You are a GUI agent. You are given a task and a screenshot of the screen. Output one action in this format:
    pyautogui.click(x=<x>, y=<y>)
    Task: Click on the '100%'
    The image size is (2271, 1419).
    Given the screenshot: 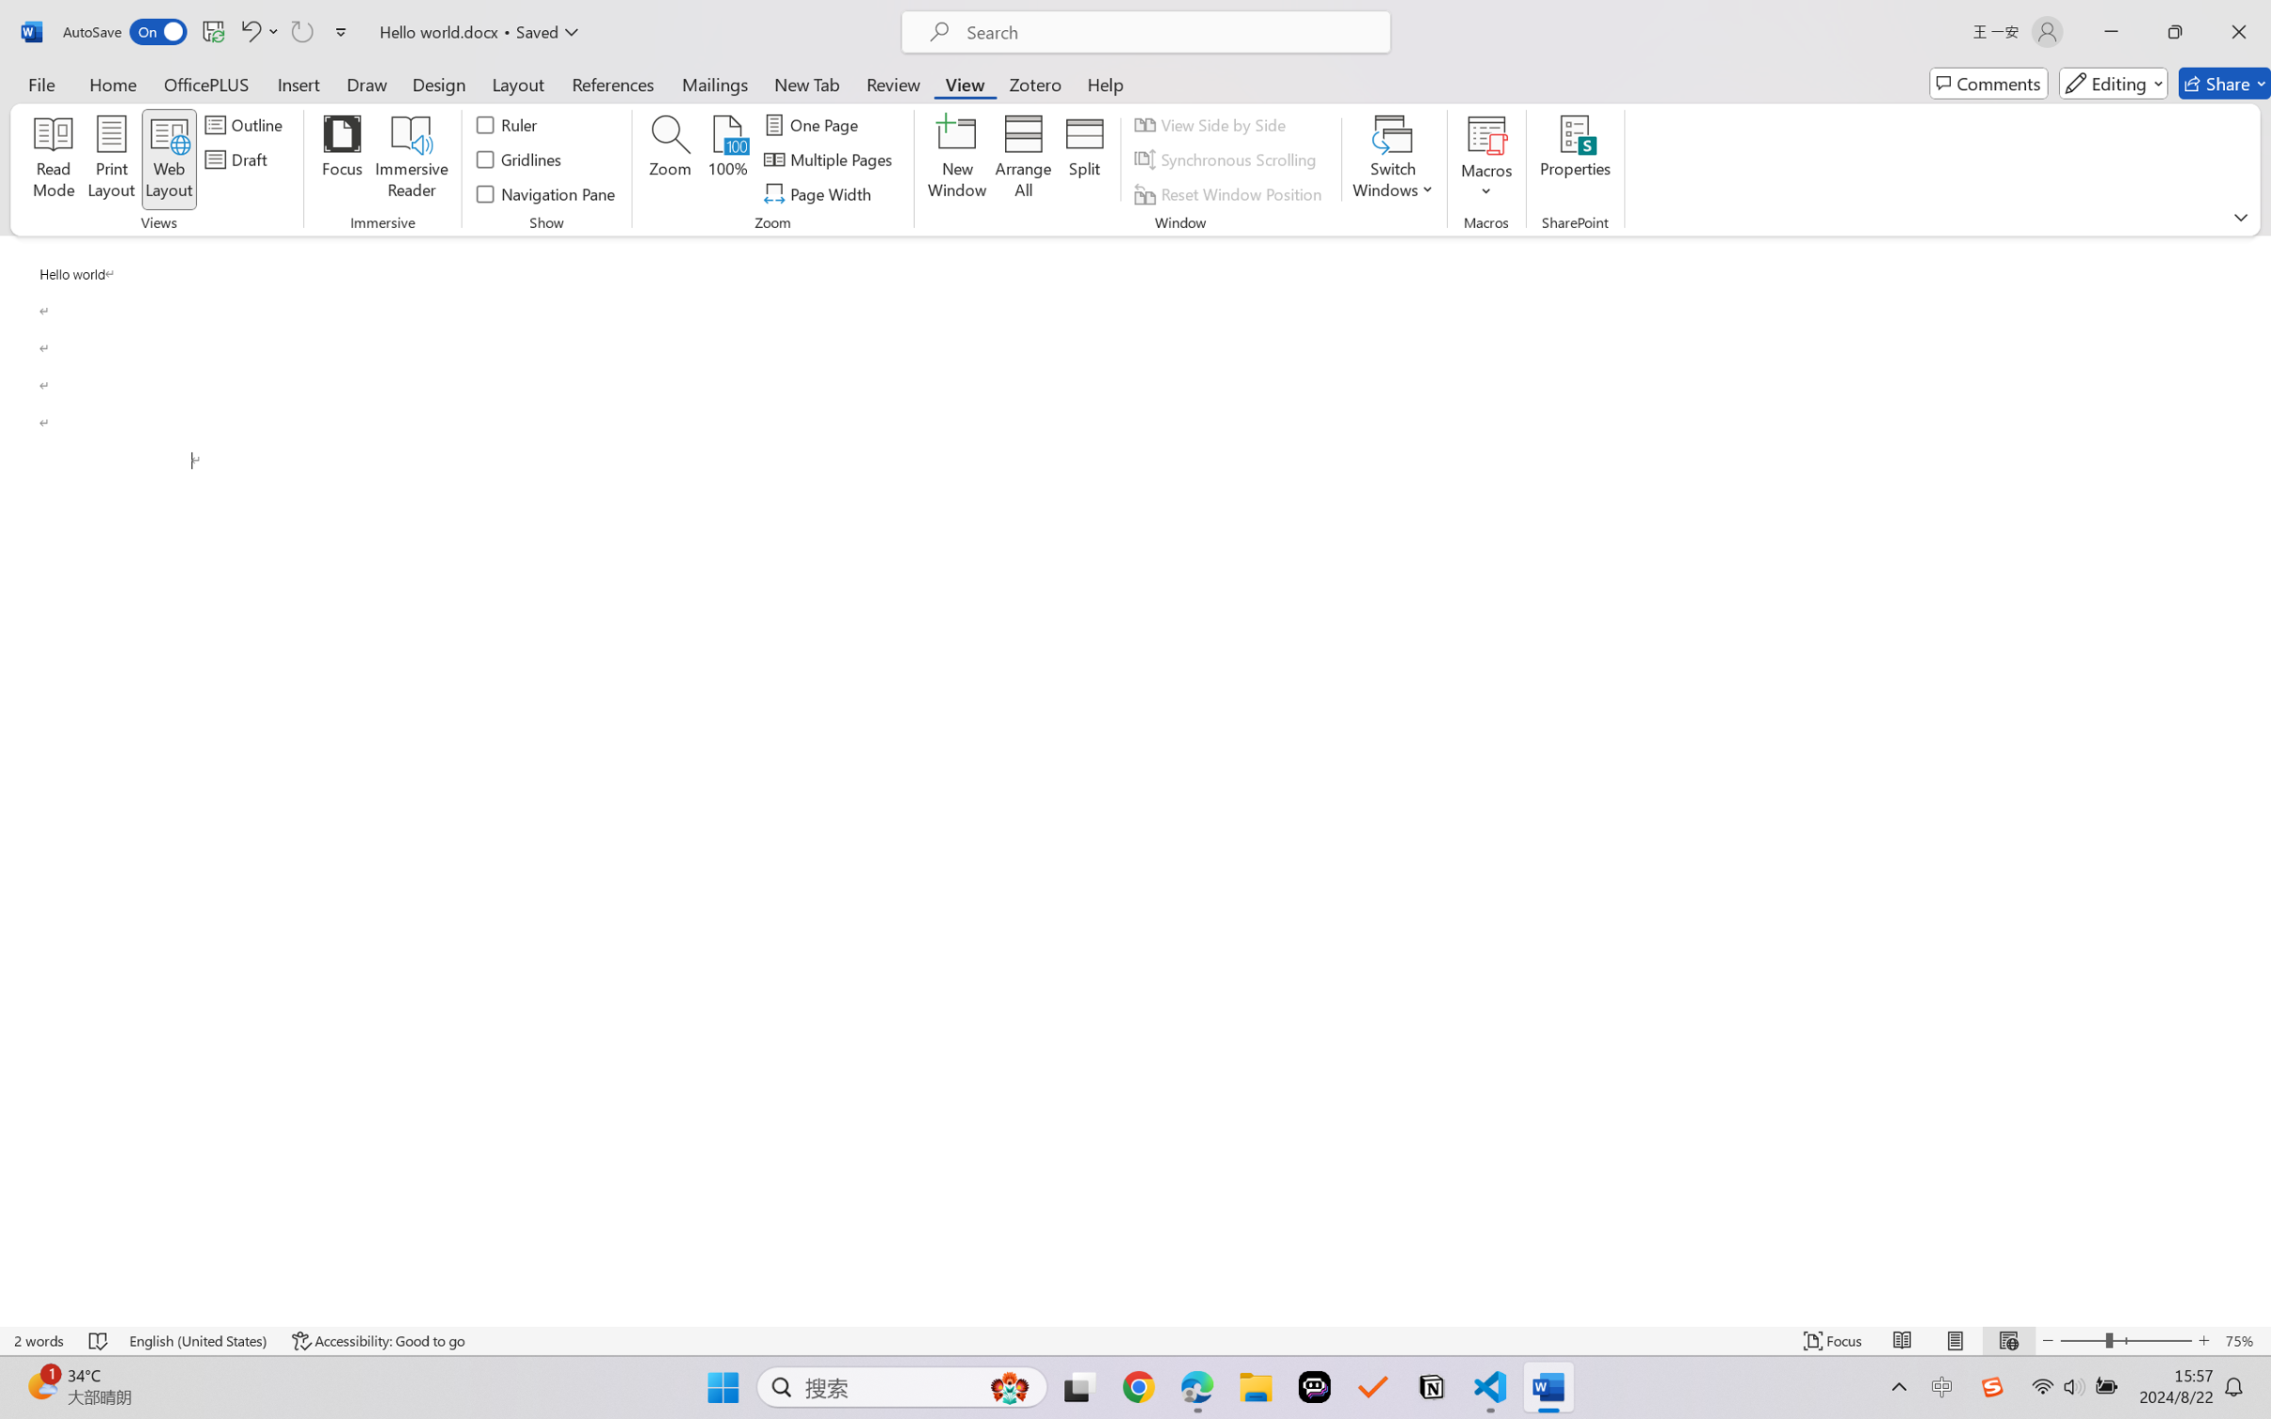 What is the action you would take?
    pyautogui.click(x=727, y=160)
    